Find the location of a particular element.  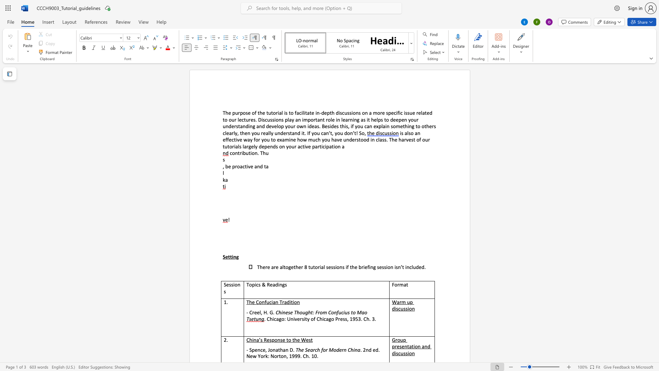

the space between the continuous character "e" and "n" in the text is located at coordinates (269, 146).